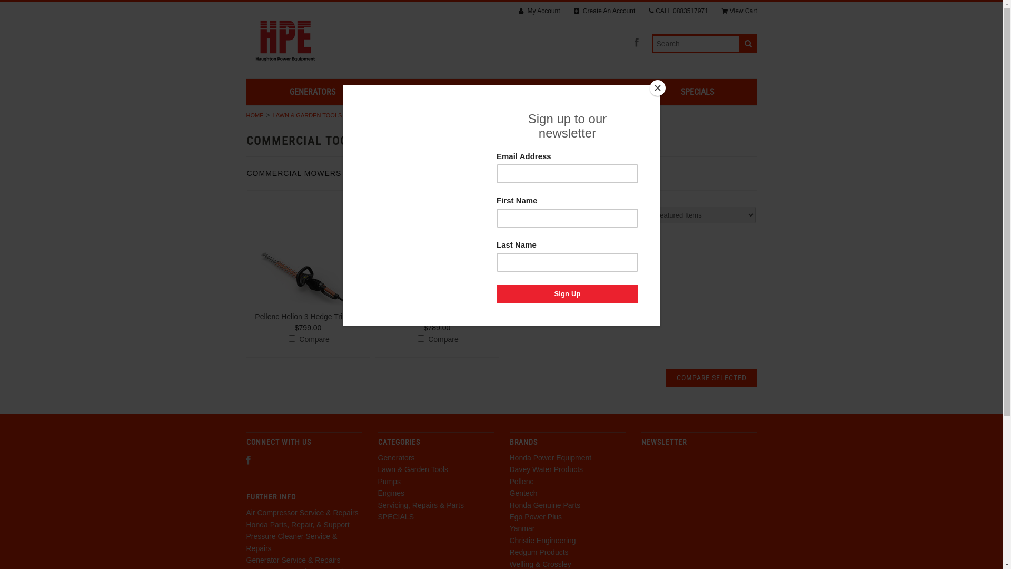  What do you see at coordinates (604, 11) in the screenshot?
I see `'Create An Account'` at bounding box center [604, 11].